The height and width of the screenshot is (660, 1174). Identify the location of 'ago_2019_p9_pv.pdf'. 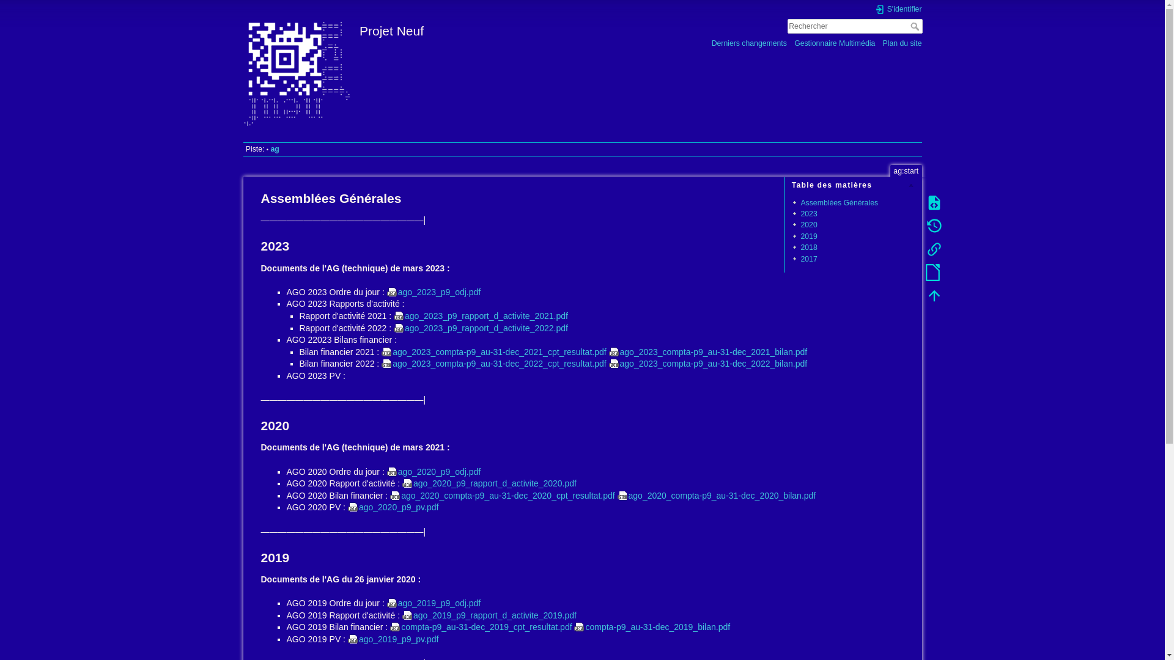
(393, 638).